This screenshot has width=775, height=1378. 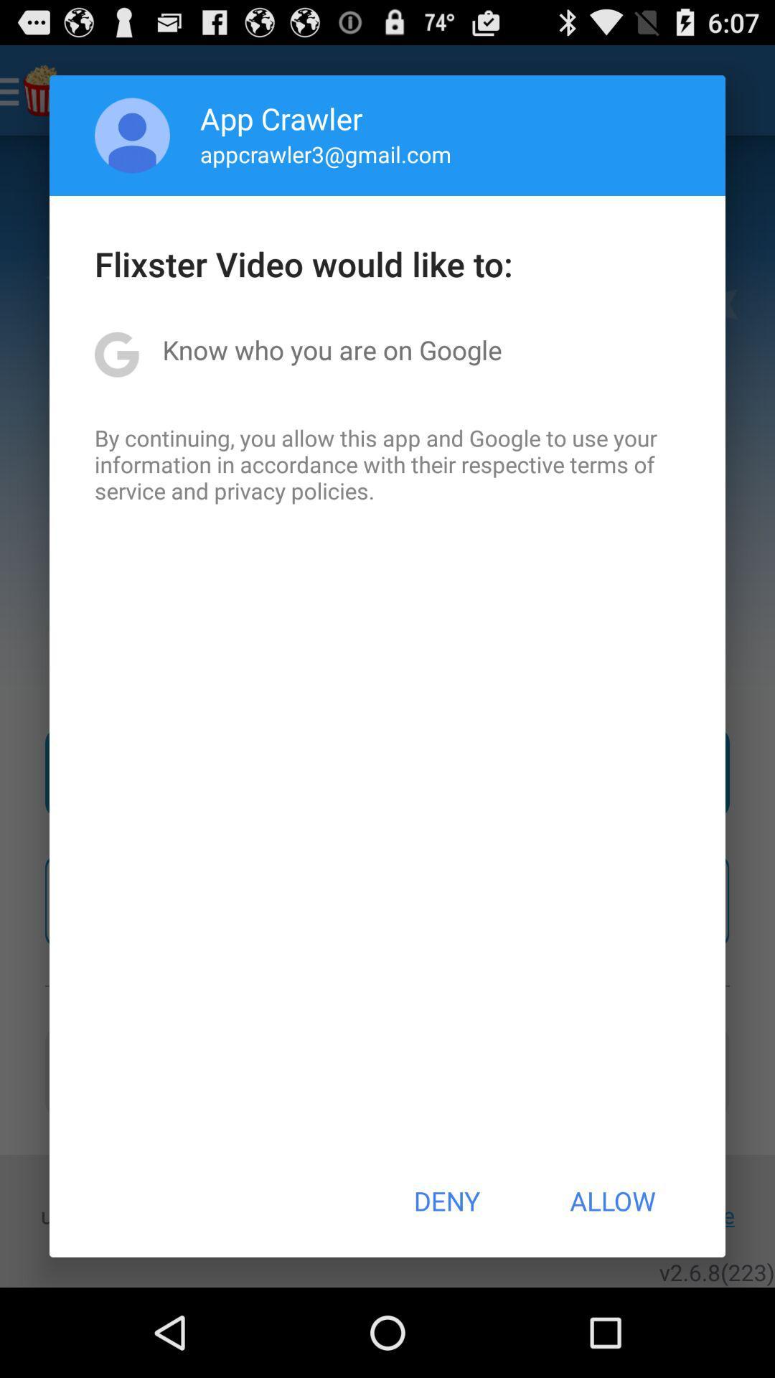 I want to click on the deny item, so click(x=446, y=1201).